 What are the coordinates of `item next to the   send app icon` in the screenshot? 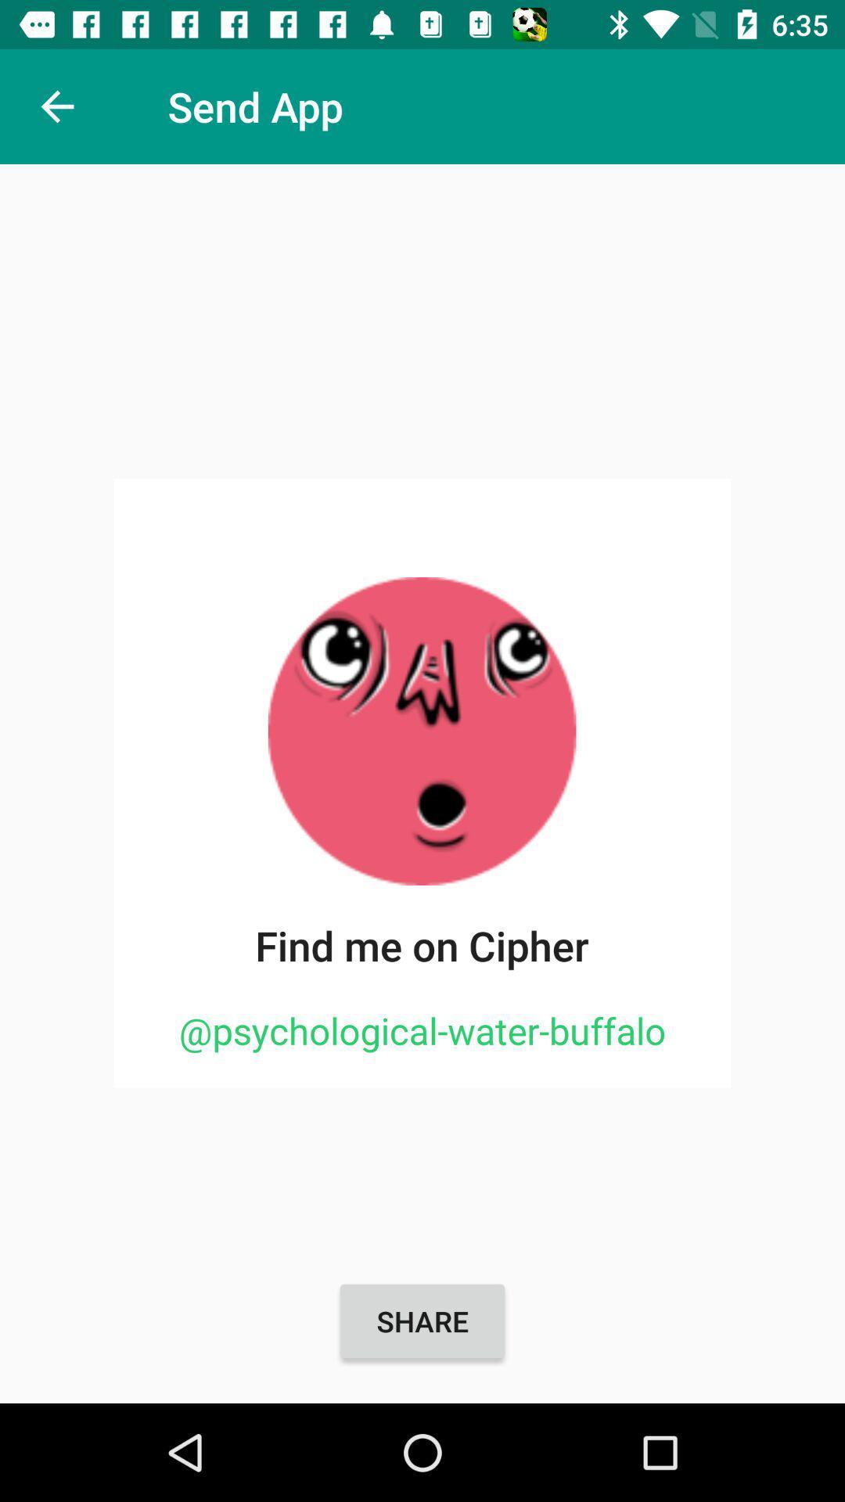 It's located at (56, 106).